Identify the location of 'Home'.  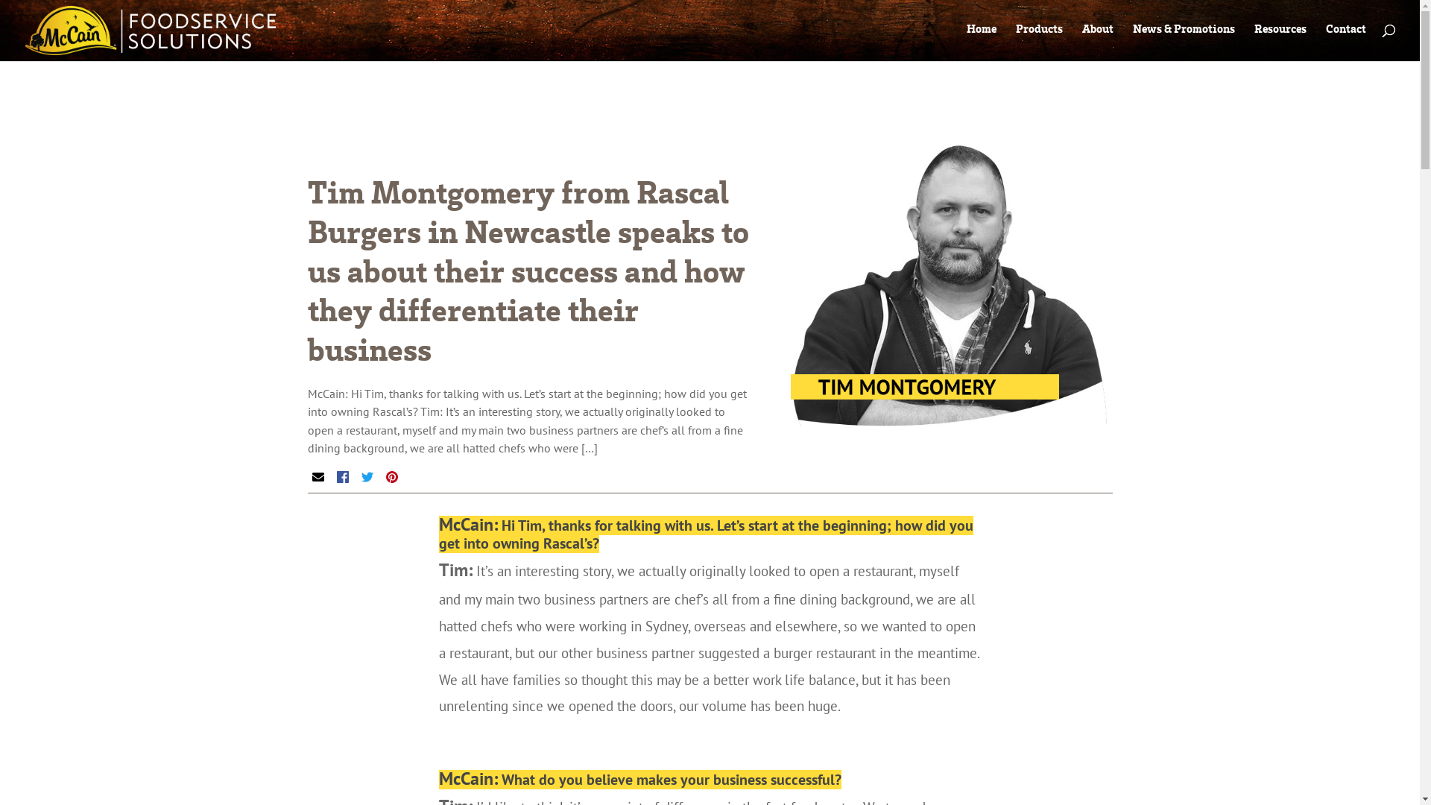
(981, 31).